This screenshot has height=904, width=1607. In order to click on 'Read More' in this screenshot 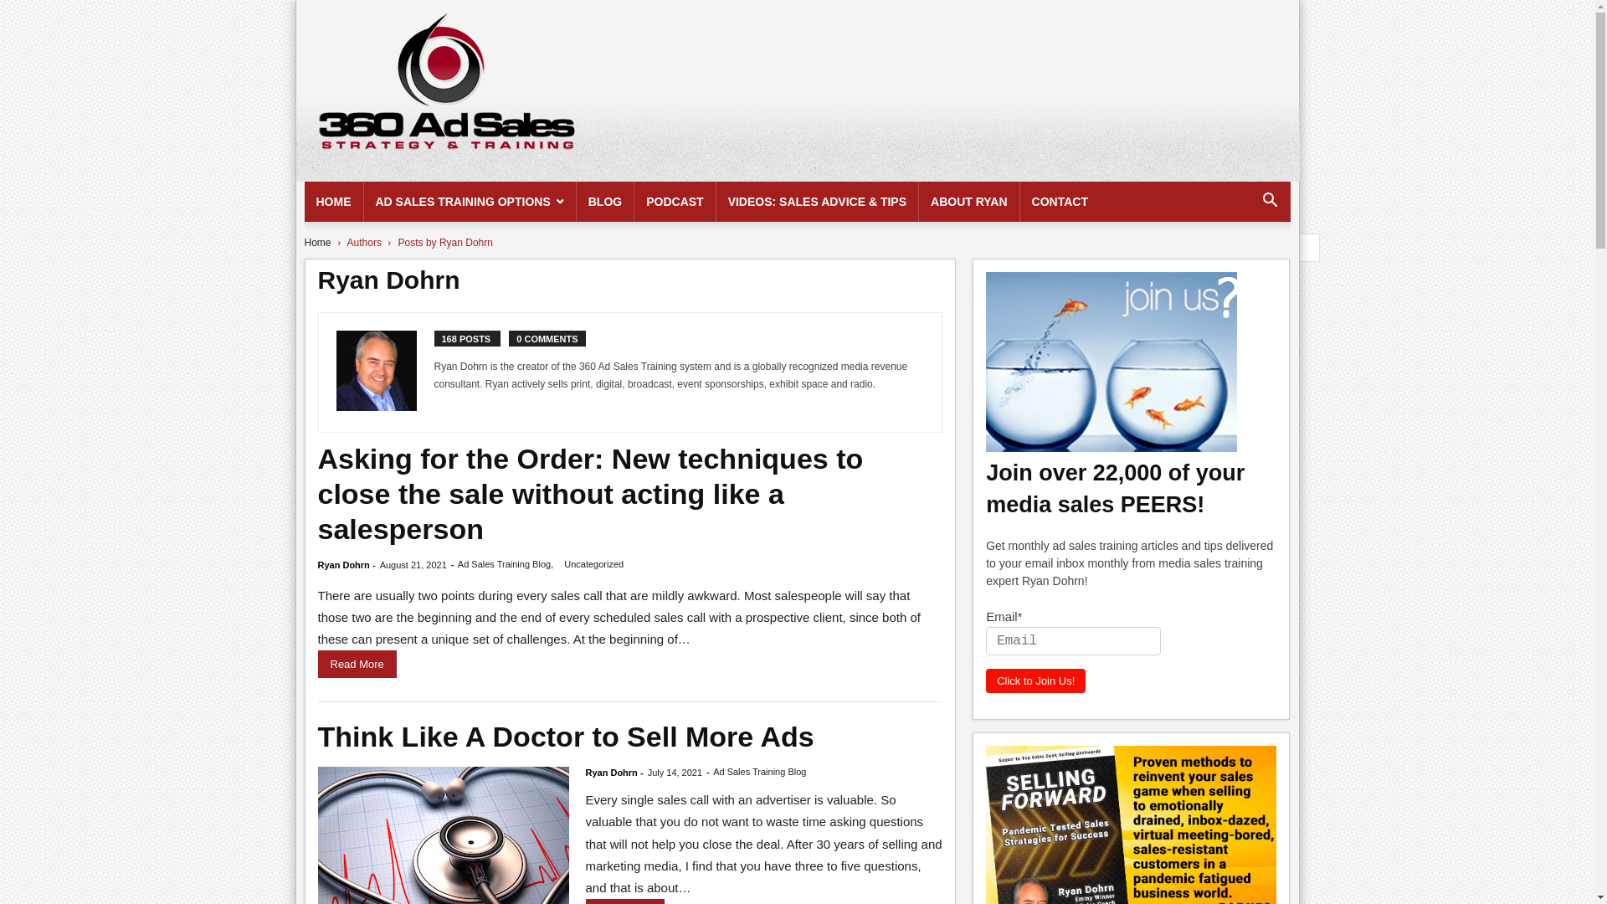, I will do `click(357, 663)`.